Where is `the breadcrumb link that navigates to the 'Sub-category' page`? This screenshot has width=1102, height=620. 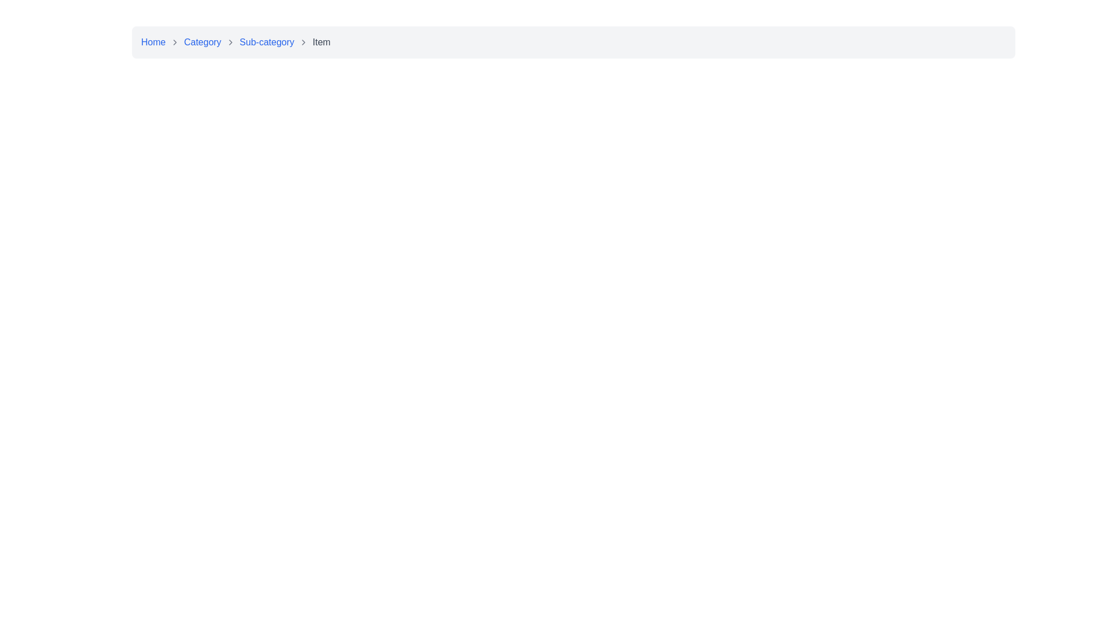 the breadcrumb link that navigates to the 'Sub-category' page is located at coordinates (266, 41).